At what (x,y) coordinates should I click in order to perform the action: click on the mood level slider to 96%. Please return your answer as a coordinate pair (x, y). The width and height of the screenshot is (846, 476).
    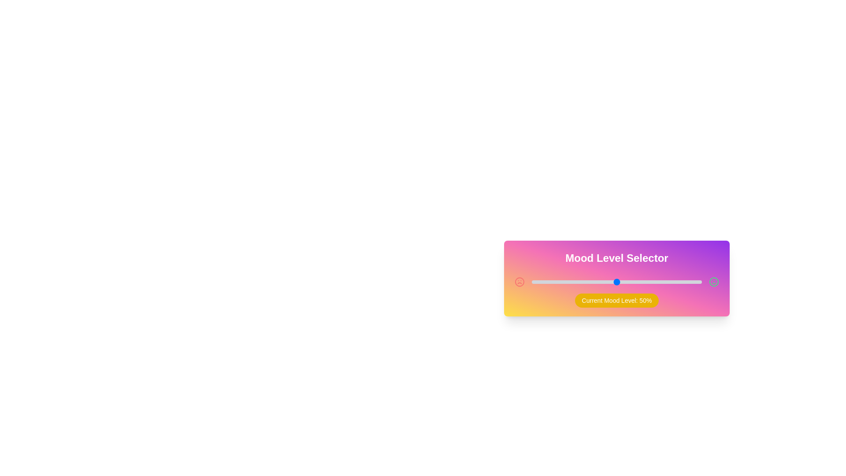
    Looking at the image, I should click on (694, 282).